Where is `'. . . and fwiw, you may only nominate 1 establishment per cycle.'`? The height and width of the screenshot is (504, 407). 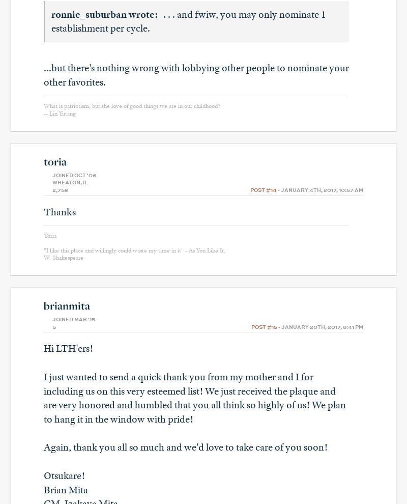
'. . . and fwiw, you may only nominate 1 establishment per cycle.' is located at coordinates (51, 20).